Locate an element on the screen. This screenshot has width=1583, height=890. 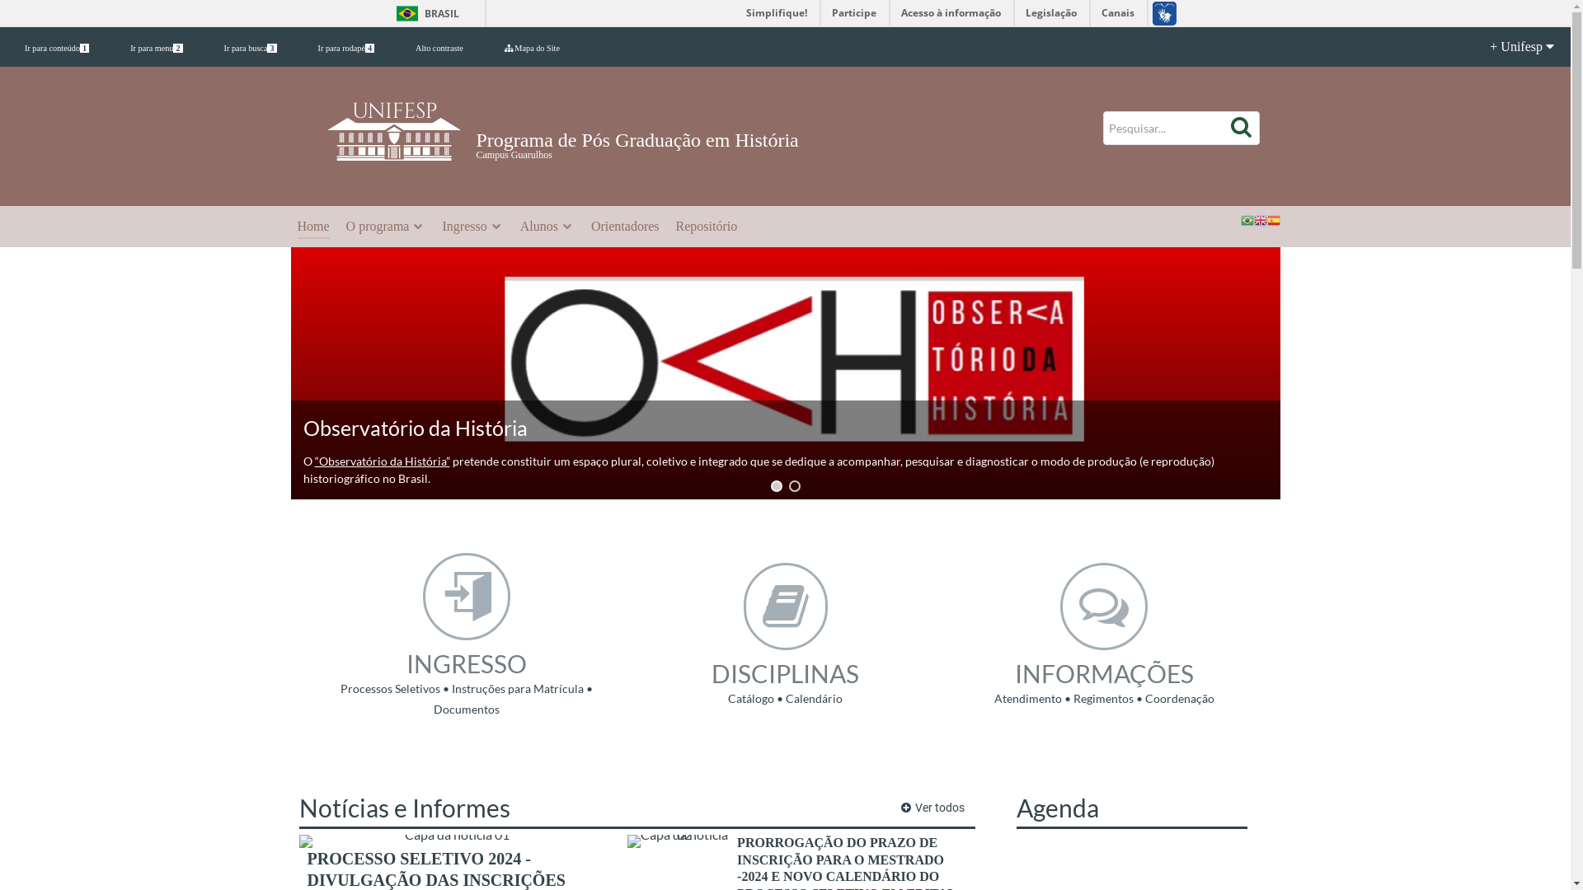
'Alto contraste' is located at coordinates (439, 47).